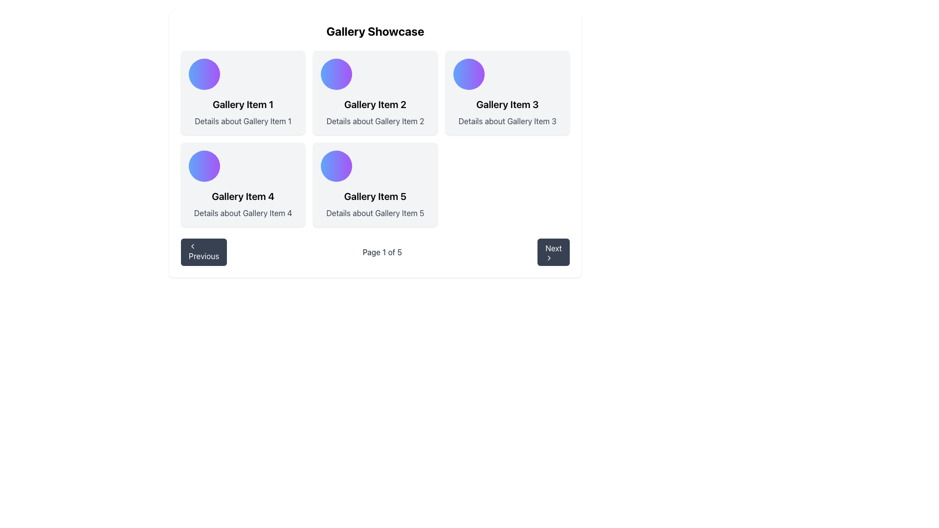 The height and width of the screenshot is (528, 939). What do you see at coordinates (375, 252) in the screenshot?
I see `the Text Display element that shows 'Page 1 of 5' in the pagination section, located between the 'Previous' and 'Next' buttons` at bounding box center [375, 252].